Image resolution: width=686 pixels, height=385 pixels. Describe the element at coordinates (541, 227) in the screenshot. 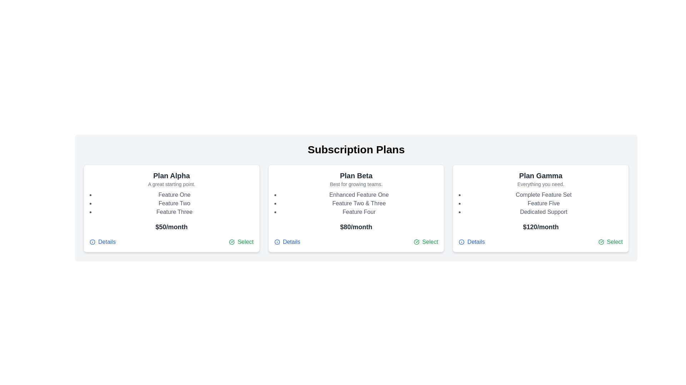

I see `the Text Label that communicates the monthly cost of the subscription plan located in the third subscription card titled 'Plan Gamma', which is positioned underneath the feature list and above the action links` at that location.